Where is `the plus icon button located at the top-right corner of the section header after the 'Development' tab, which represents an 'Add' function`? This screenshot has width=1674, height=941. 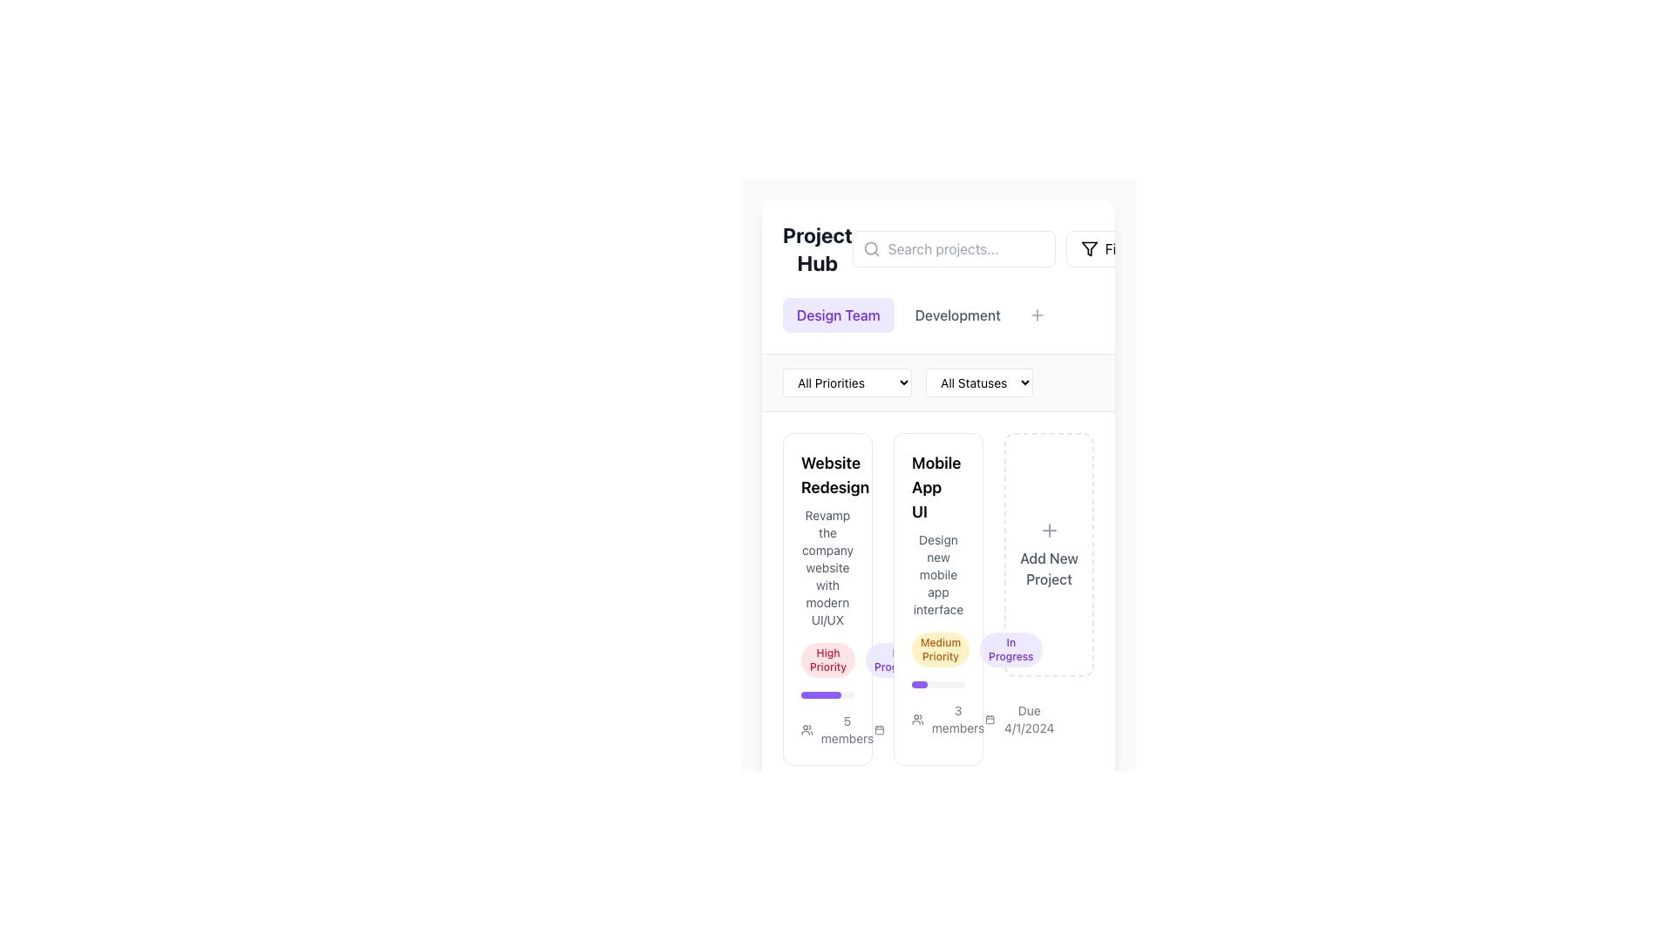 the plus icon button located at the top-right corner of the section header after the 'Development' tab, which represents an 'Add' function is located at coordinates (1037, 315).